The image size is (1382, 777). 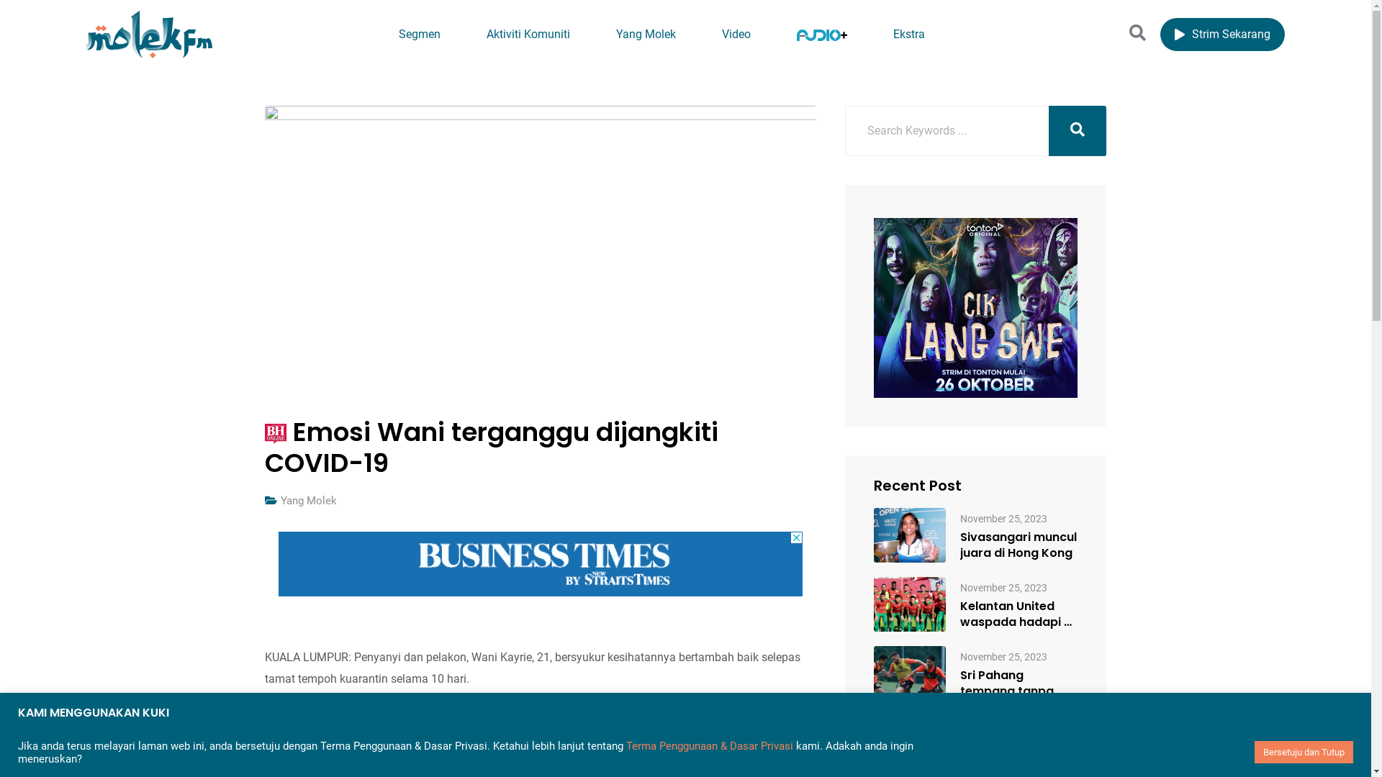 What do you see at coordinates (280, 499) in the screenshot?
I see `'Yang Molek'` at bounding box center [280, 499].